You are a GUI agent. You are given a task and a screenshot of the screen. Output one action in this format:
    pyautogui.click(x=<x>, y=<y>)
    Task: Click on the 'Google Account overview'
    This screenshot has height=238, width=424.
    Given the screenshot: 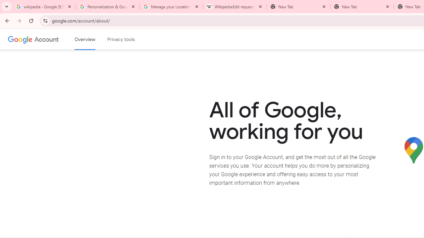 What is the action you would take?
    pyautogui.click(x=84, y=39)
    